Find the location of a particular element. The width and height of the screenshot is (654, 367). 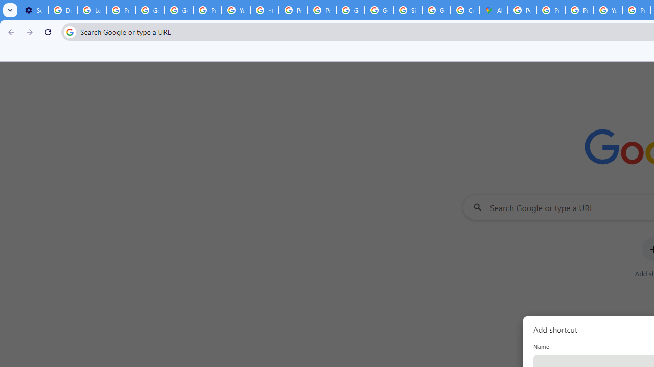

'Create your Google Account' is located at coordinates (464, 10).